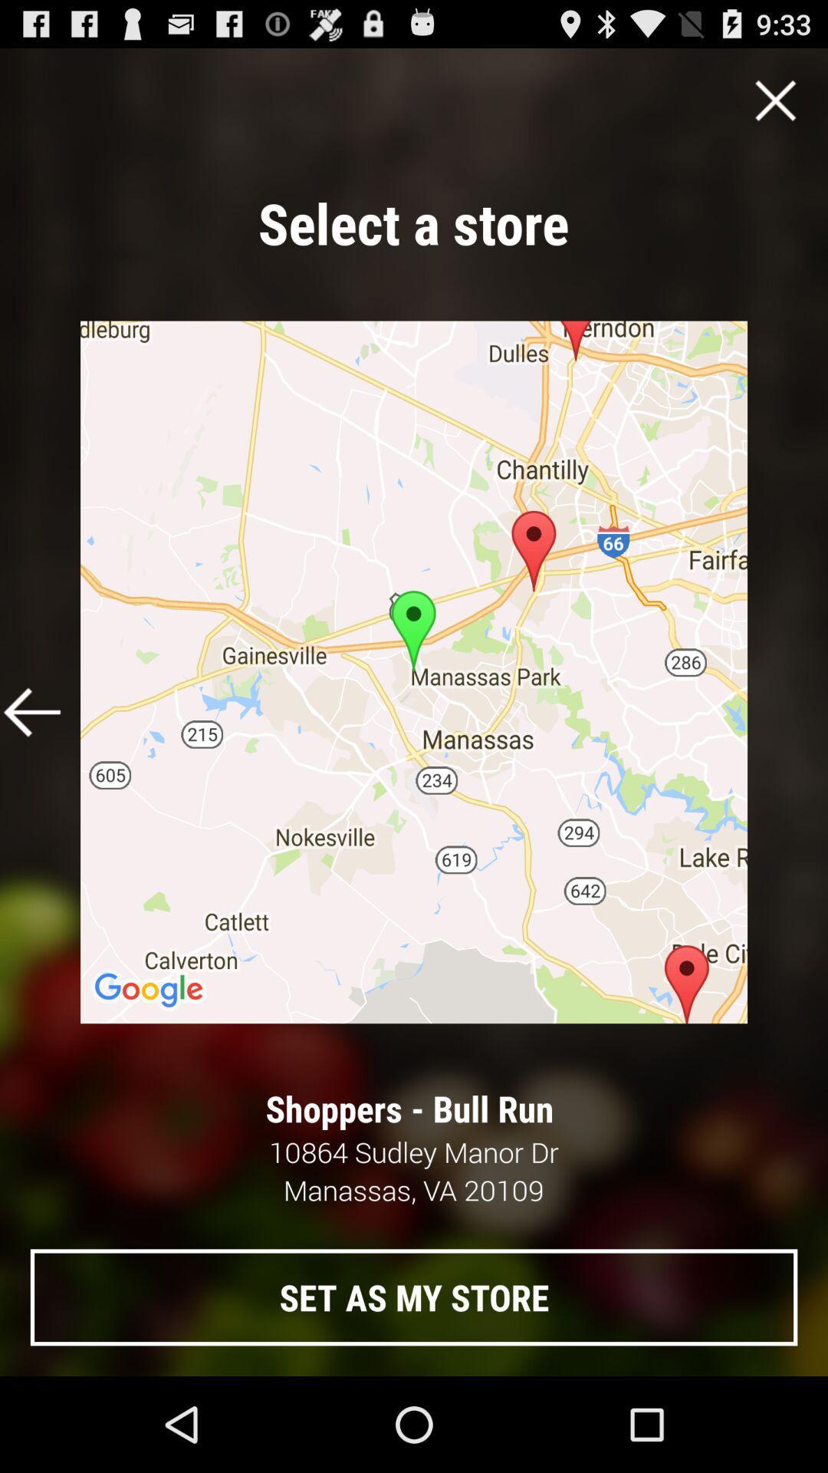  Describe the element at coordinates (775, 100) in the screenshot. I see `close` at that location.